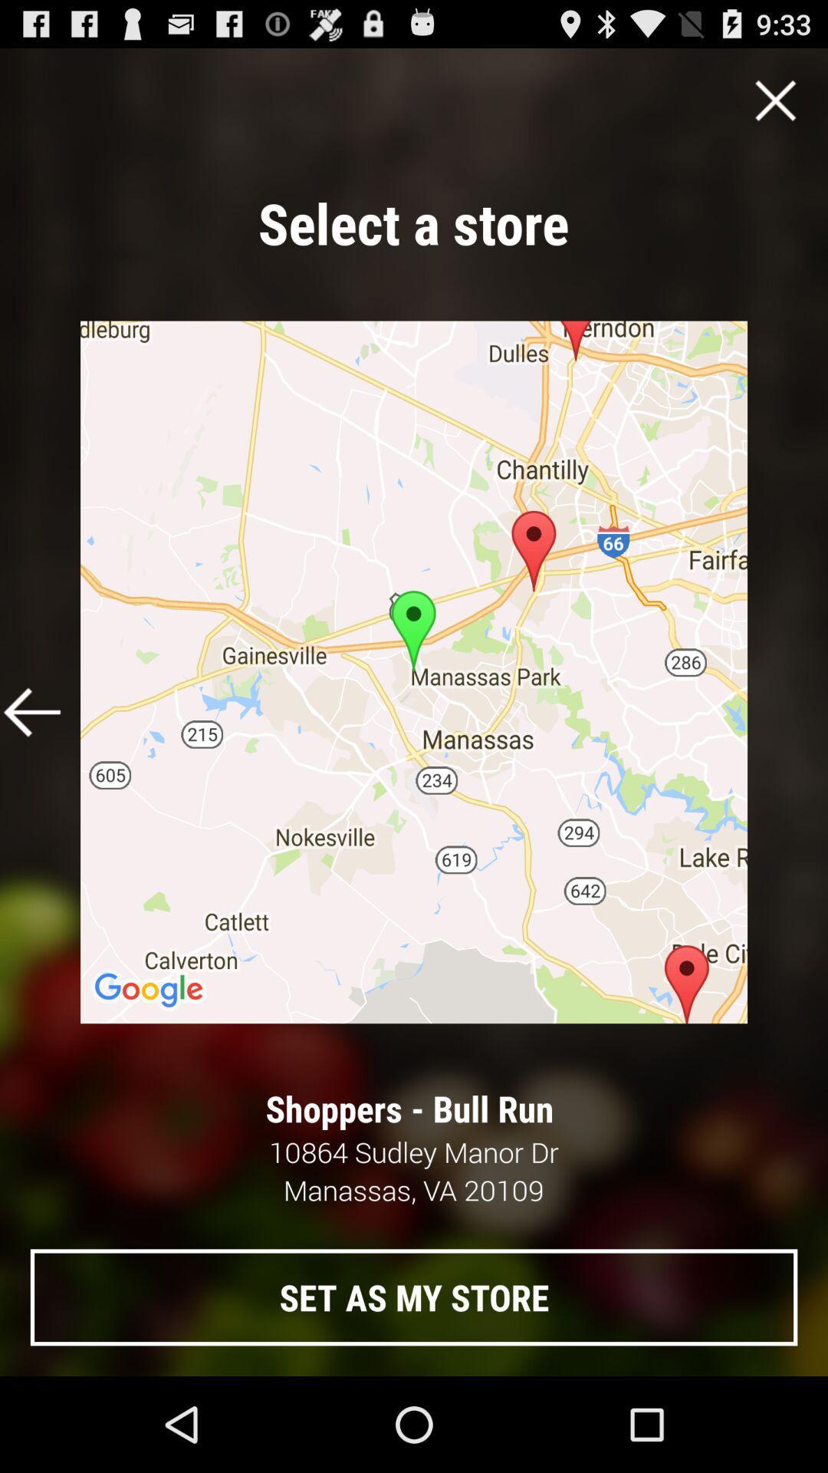  Describe the element at coordinates (775, 100) in the screenshot. I see `close` at that location.